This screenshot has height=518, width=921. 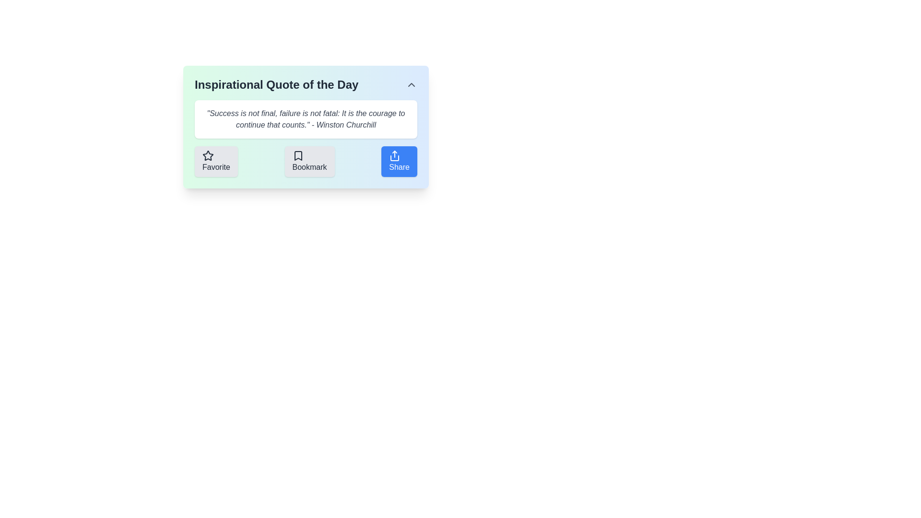 I want to click on the header section with a toggleable chevron icon located at the center near the top of the card, so click(x=306, y=84).